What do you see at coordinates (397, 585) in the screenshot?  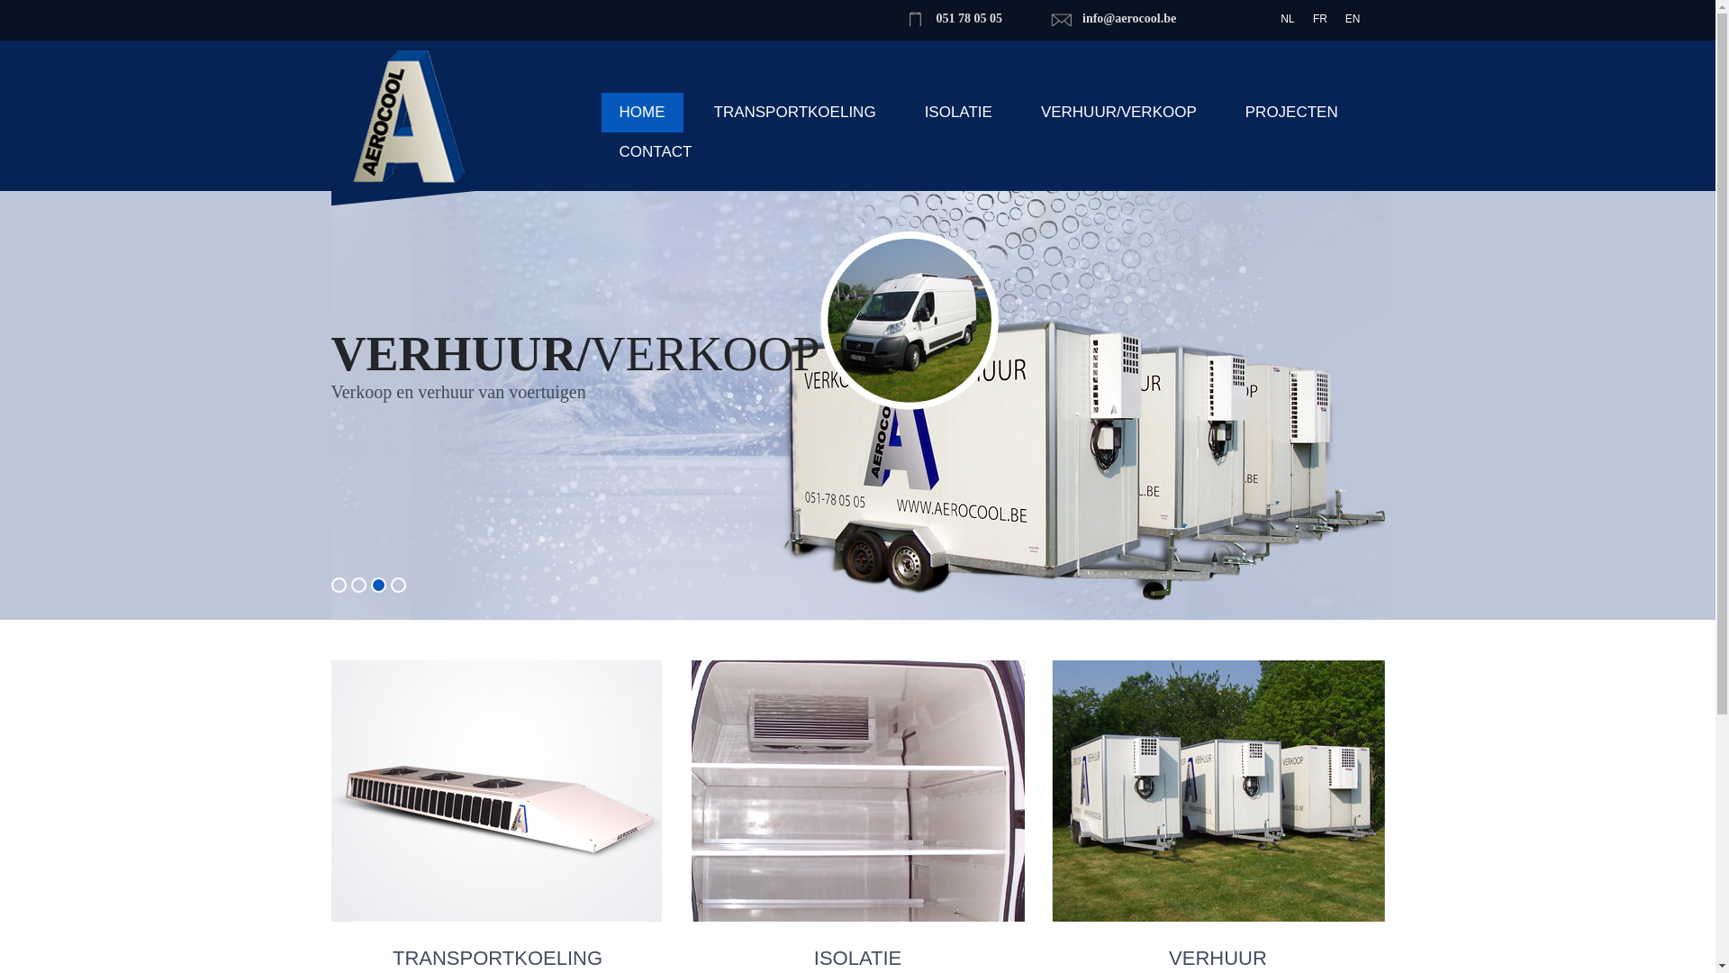 I see `'4'` at bounding box center [397, 585].